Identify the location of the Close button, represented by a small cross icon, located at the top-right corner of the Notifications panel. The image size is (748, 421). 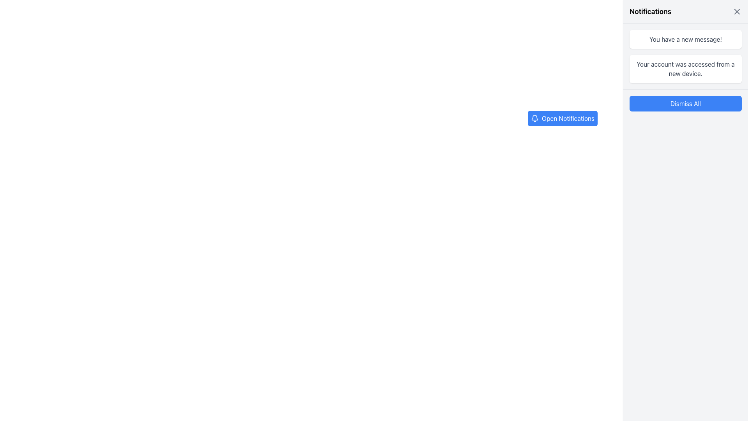
(736, 12).